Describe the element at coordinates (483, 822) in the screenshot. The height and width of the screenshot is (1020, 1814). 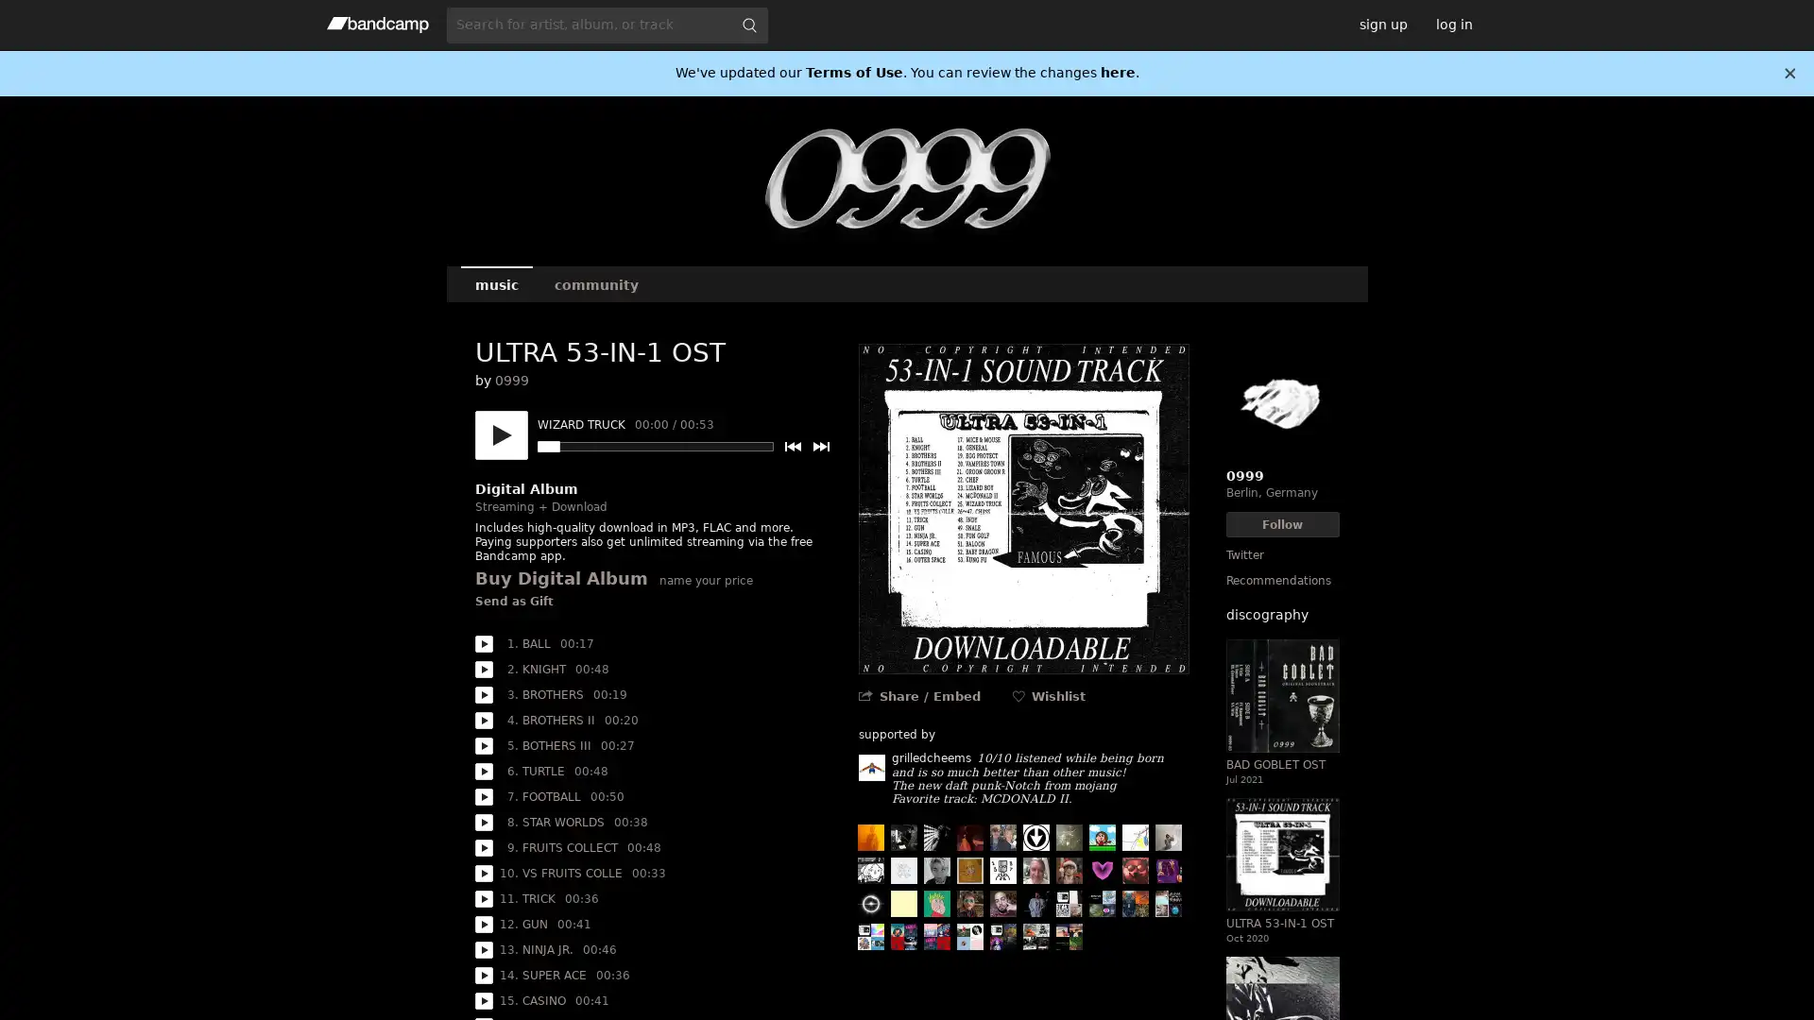
I see `Play STAR WORLDS` at that location.